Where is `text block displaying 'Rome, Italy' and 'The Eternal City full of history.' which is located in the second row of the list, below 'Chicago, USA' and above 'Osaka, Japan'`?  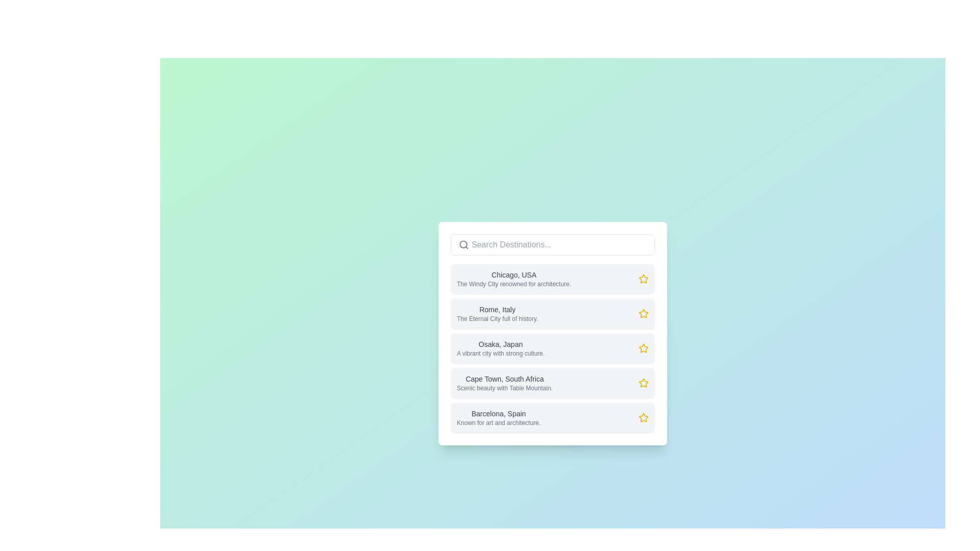
text block displaying 'Rome, Italy' and 'The Eternal City full of history.' which is located in the second row of the list, below 'Chicago, USA' and above 'Osaka, Japan' is located at coordinates (497, 313).